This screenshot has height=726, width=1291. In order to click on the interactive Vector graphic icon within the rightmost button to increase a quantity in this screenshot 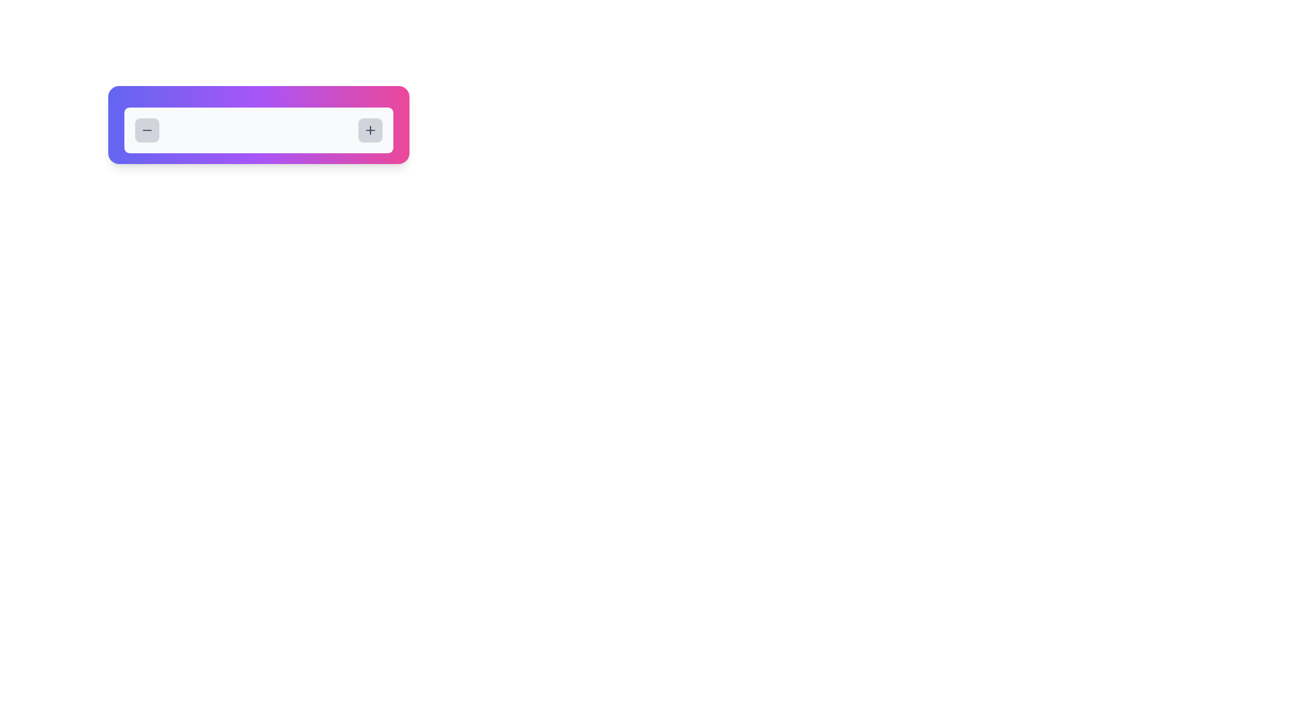, I will do `click(370, 130)`.